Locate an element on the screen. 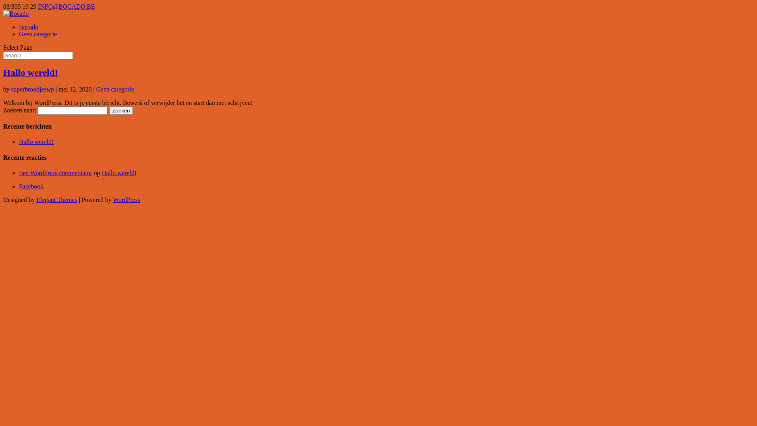  'Bocado' is located at coordinates (28, 26).